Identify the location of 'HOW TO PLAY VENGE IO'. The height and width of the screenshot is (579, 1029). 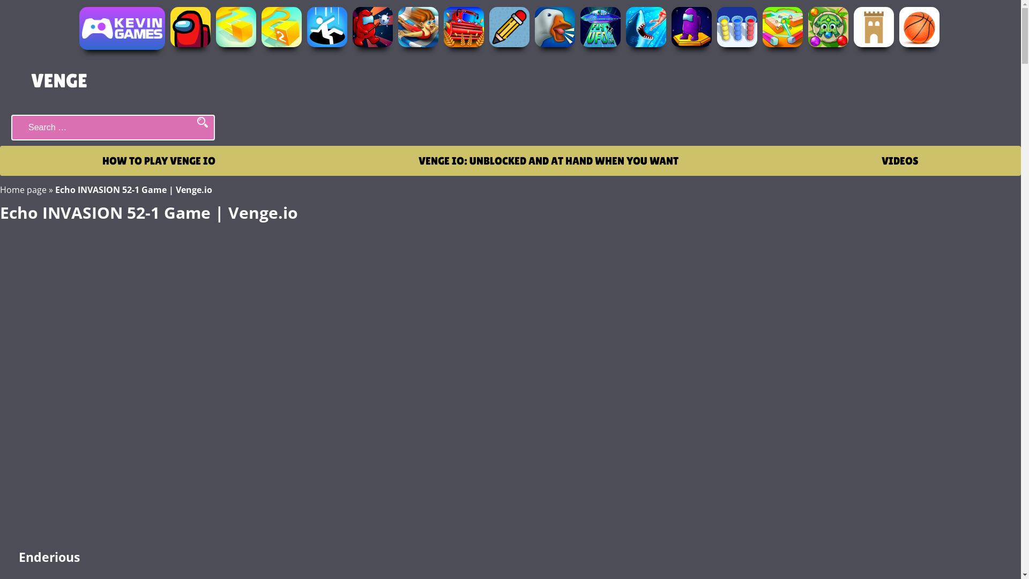
(158, 161).